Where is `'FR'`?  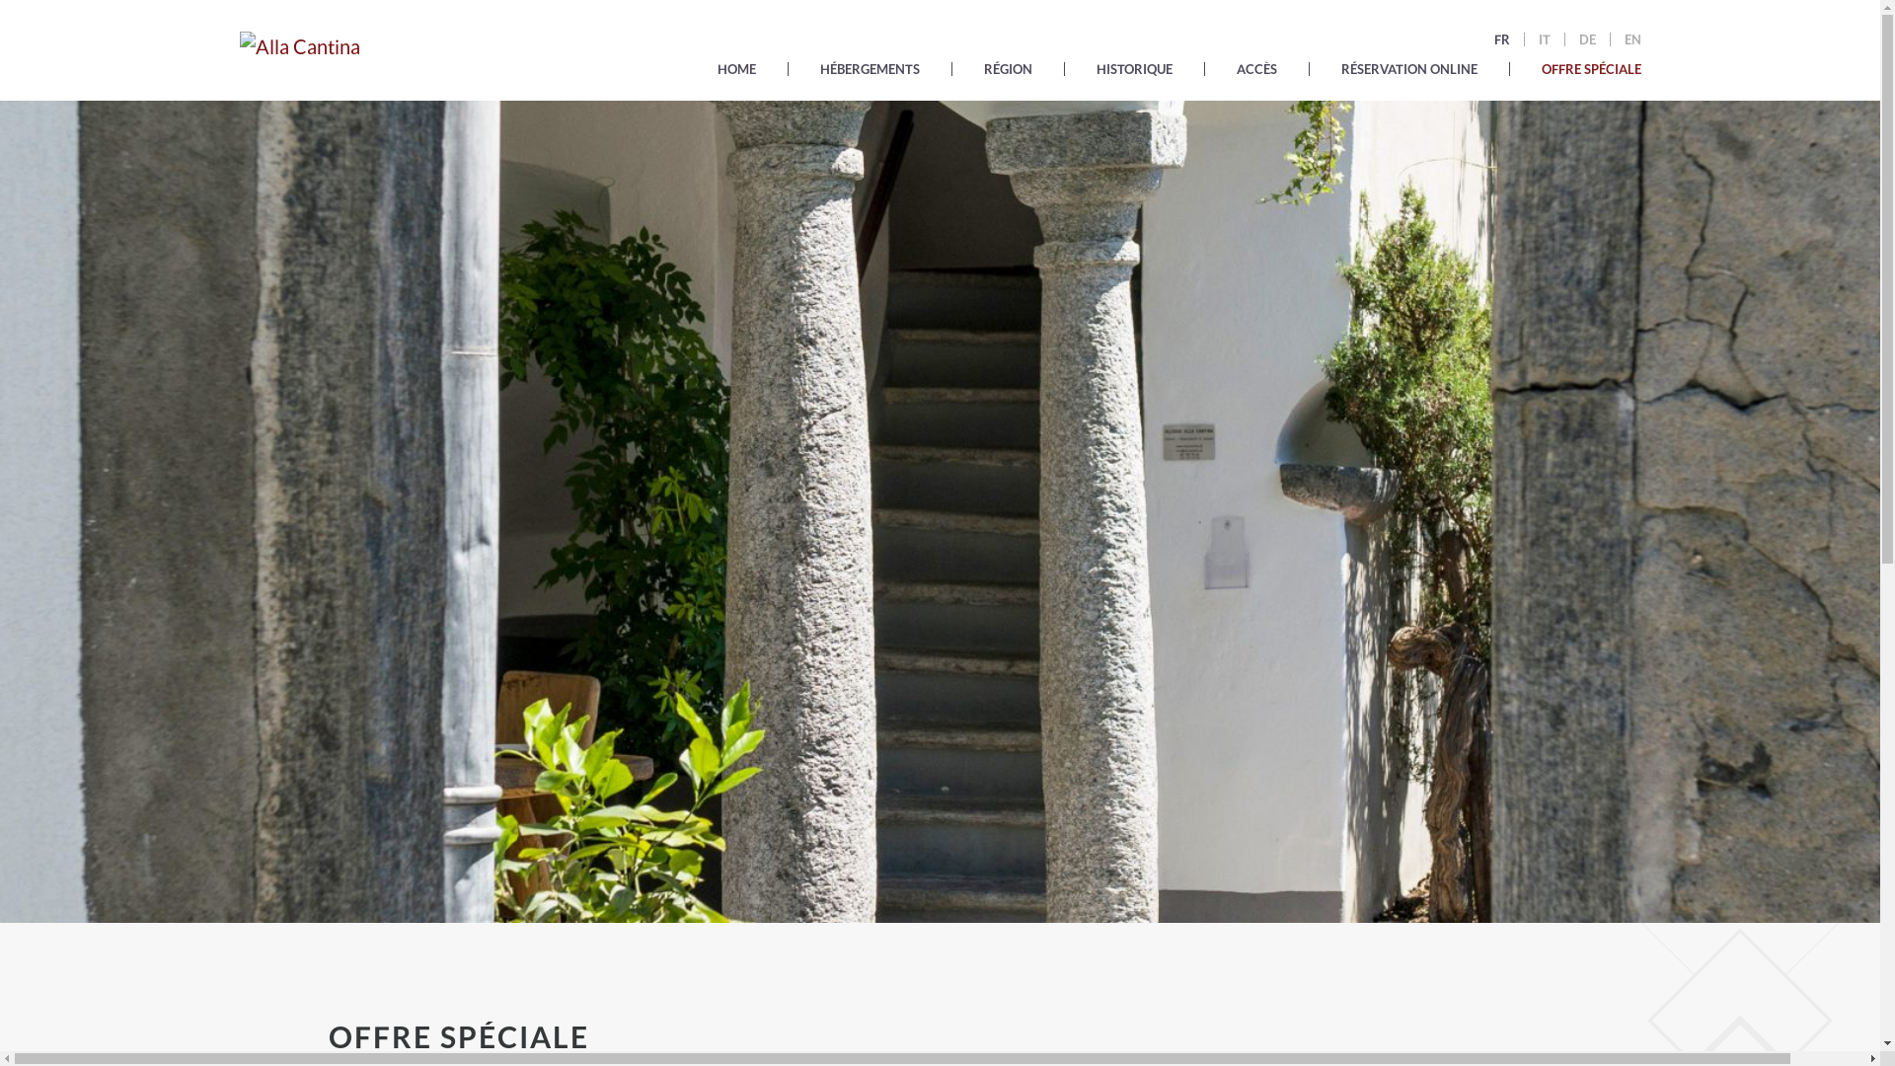
'FR' is located at coordinates (1500, 38).